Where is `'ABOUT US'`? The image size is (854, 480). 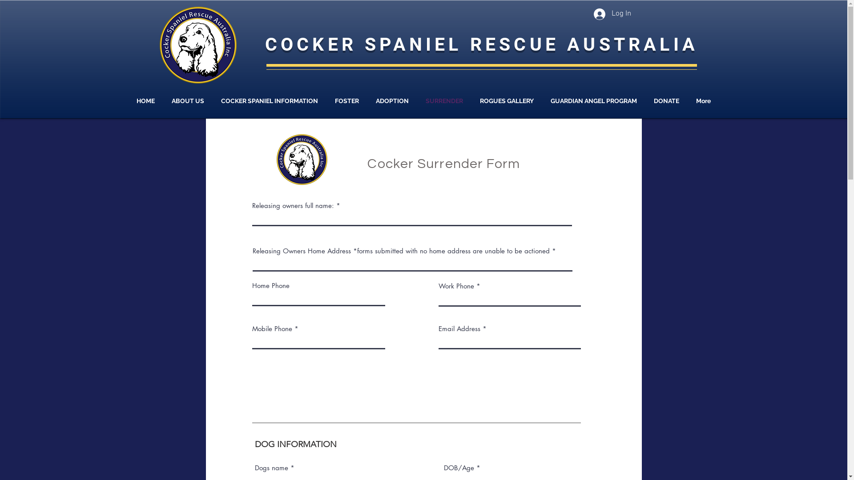 'ABOUT US' is located at coordinates (187, 100).